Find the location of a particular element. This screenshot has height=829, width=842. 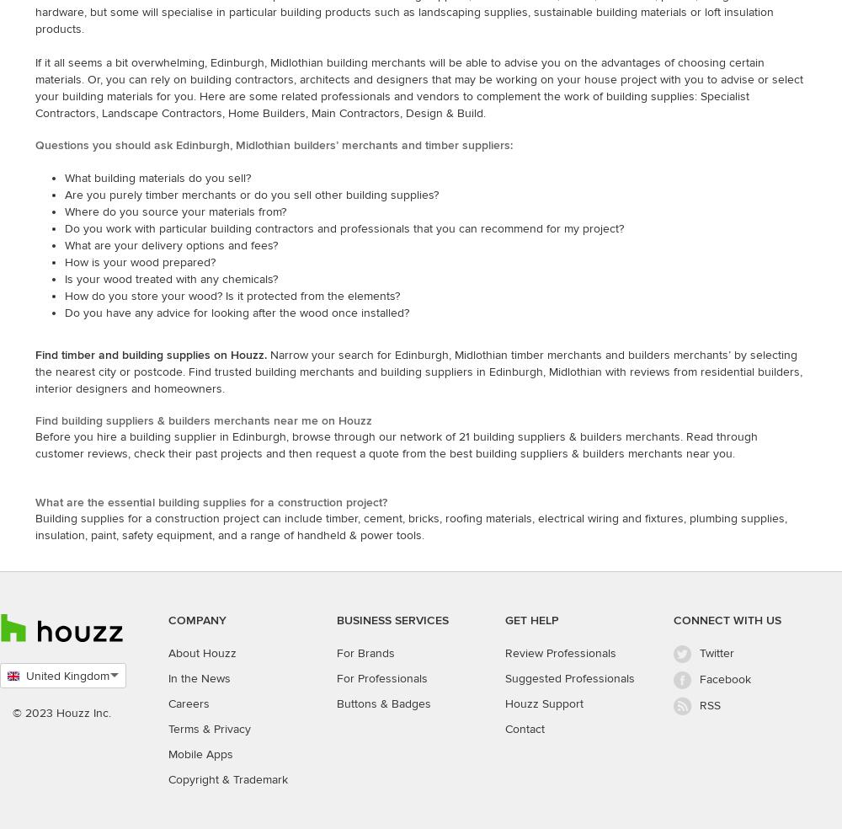

'Terms' is located at coordinates (168, 728).